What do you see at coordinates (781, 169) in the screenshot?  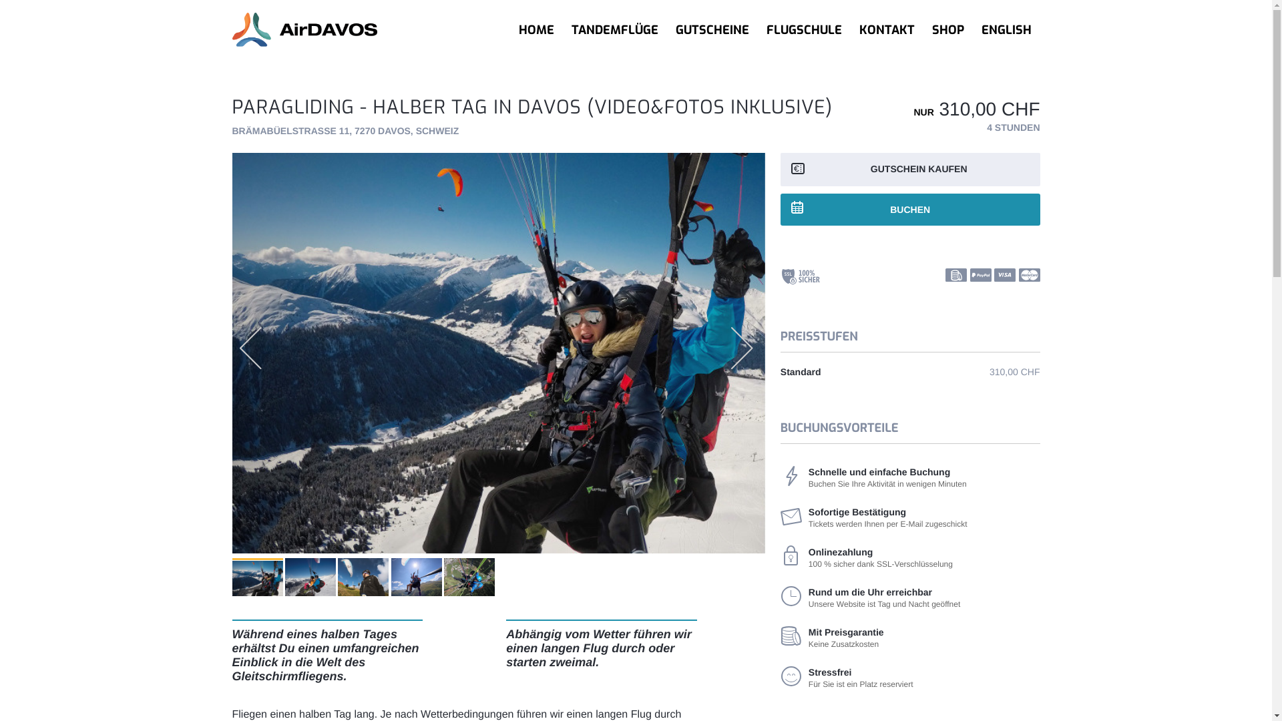 I see `'GUTSCHEIN KAUFEN'` at bounding box center [781, 169].